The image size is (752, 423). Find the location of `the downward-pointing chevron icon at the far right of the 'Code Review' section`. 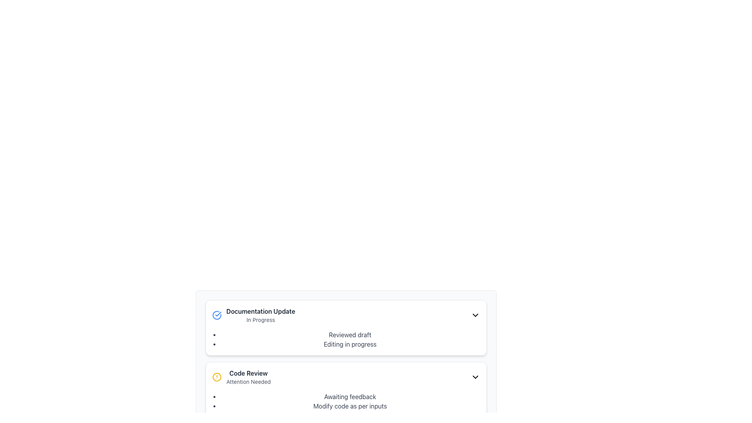

the downward-pointing chevron icon at the far right of the 'Code Review' section is located at coordinates (475, 377).